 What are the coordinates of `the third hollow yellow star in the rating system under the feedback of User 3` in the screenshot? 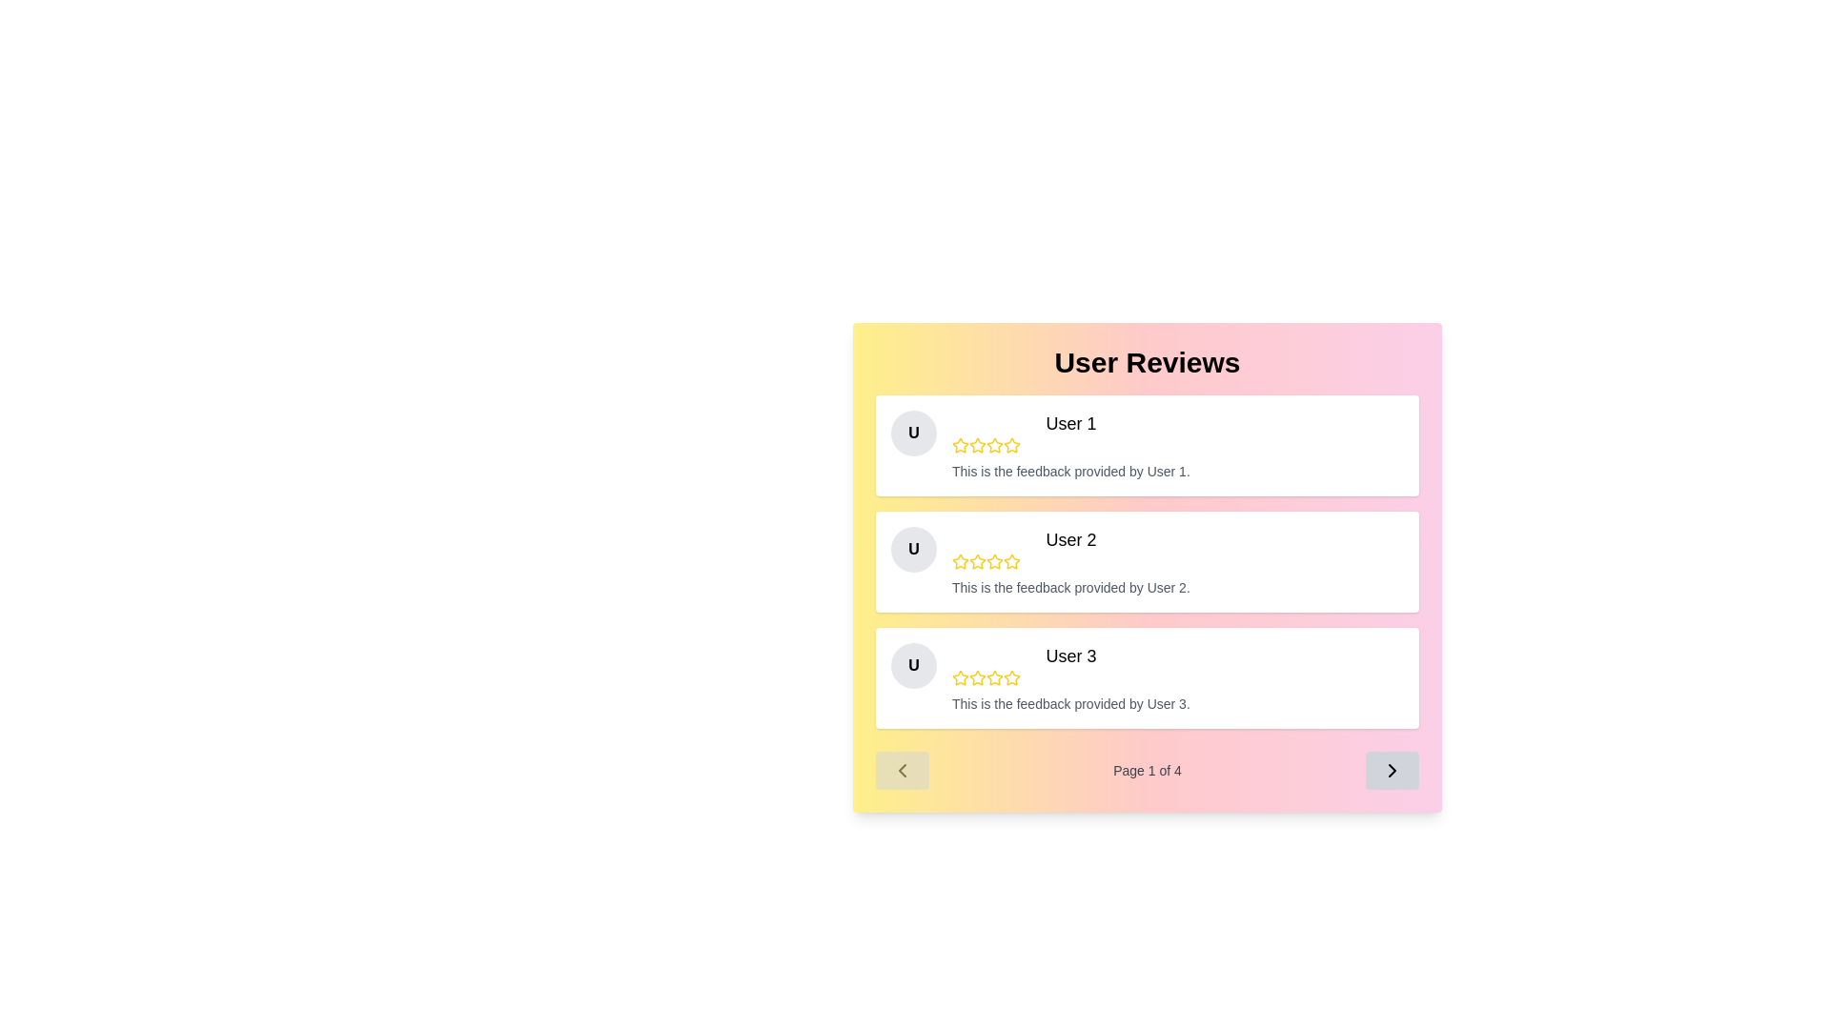 It's located at (993, 676).